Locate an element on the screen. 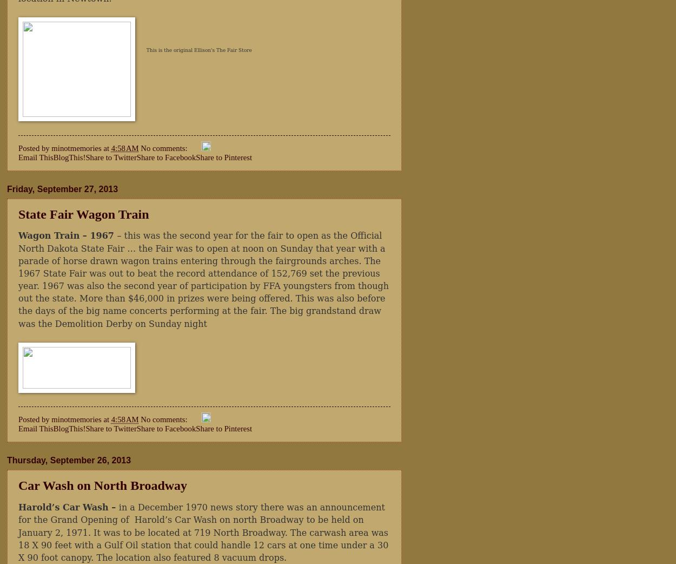 This screenshot has height=564, width=676. 'Harold’s Car Wash on north Broadway to be held on January 2, 1971. It
was to be located at 719 North Broadway. The carwash area was 18 X 90 feet with
a Gulf Oil station that could handle 12 cars at one time under a 30 X 90 foot
canopy. The location also featured 8 vacuum drops.' is located at coordinates (203, 539).